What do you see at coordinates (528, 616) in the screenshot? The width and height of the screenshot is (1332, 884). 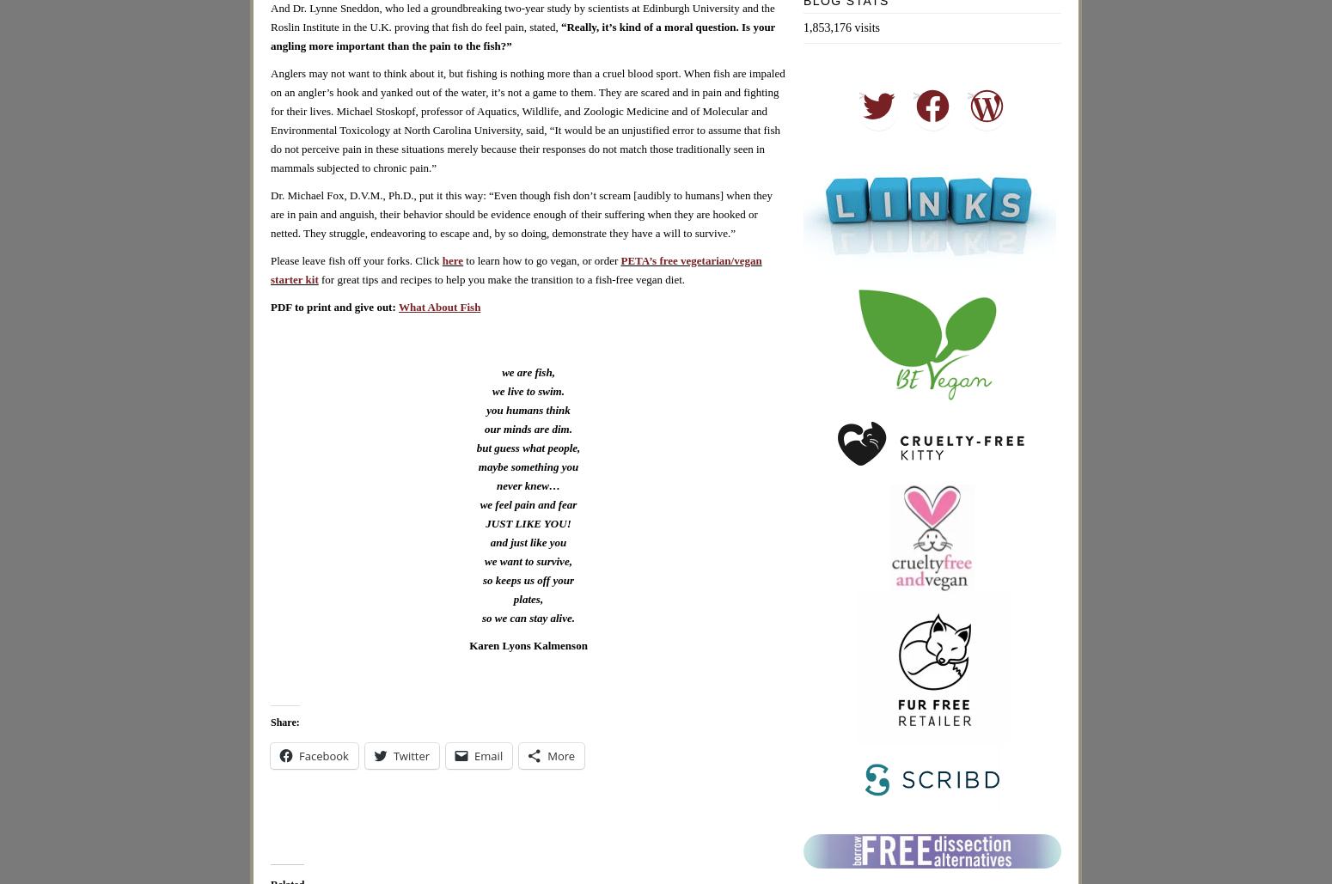 I see `'so we can stay alive.'` at bounding box center [528, 616].